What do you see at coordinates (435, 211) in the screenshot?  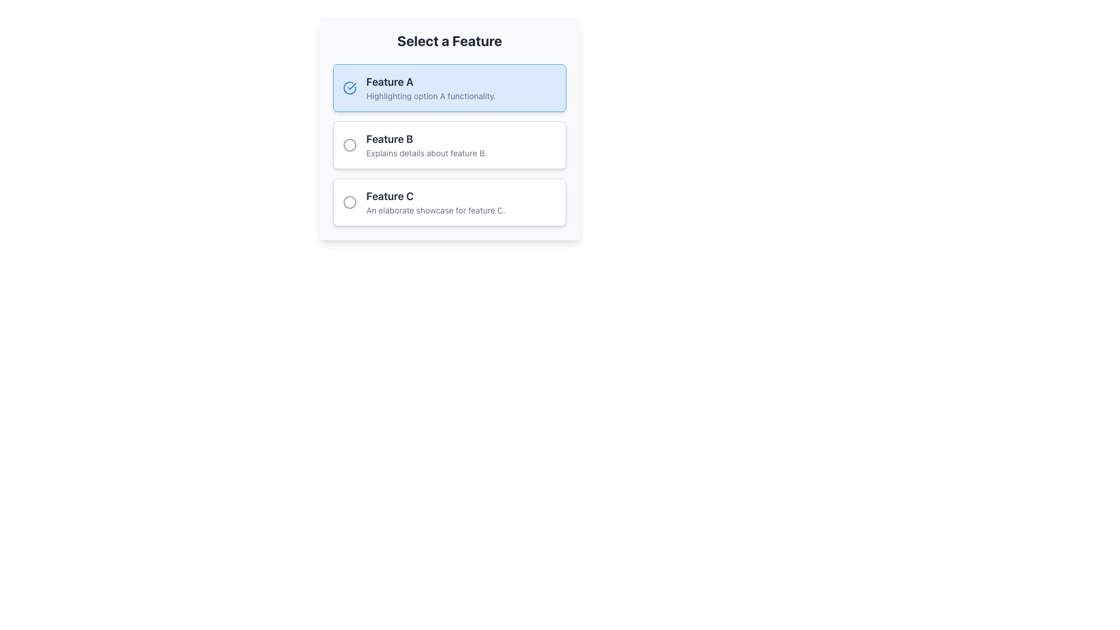 I see `the informational text label that describes 'Feature C'` at bounding box center [435, 211].